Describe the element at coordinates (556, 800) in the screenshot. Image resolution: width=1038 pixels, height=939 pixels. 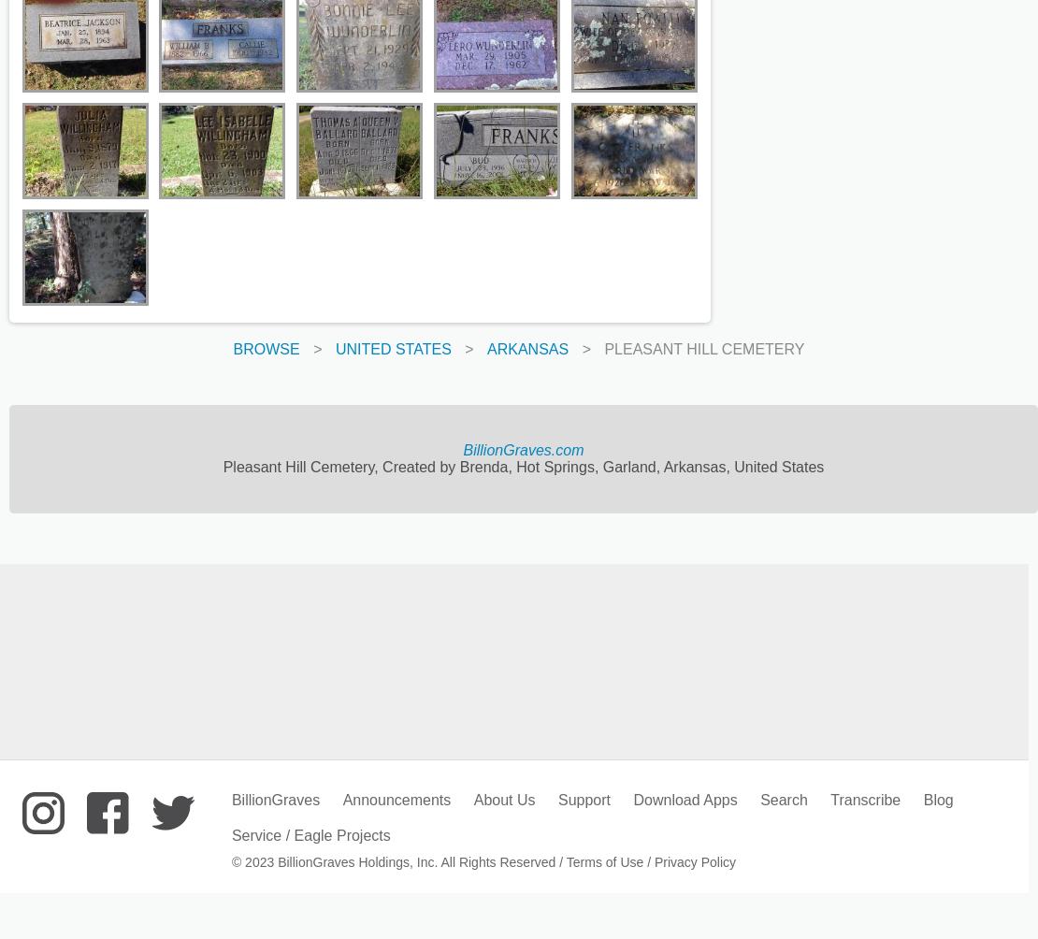
I see `'Support'` at that location.